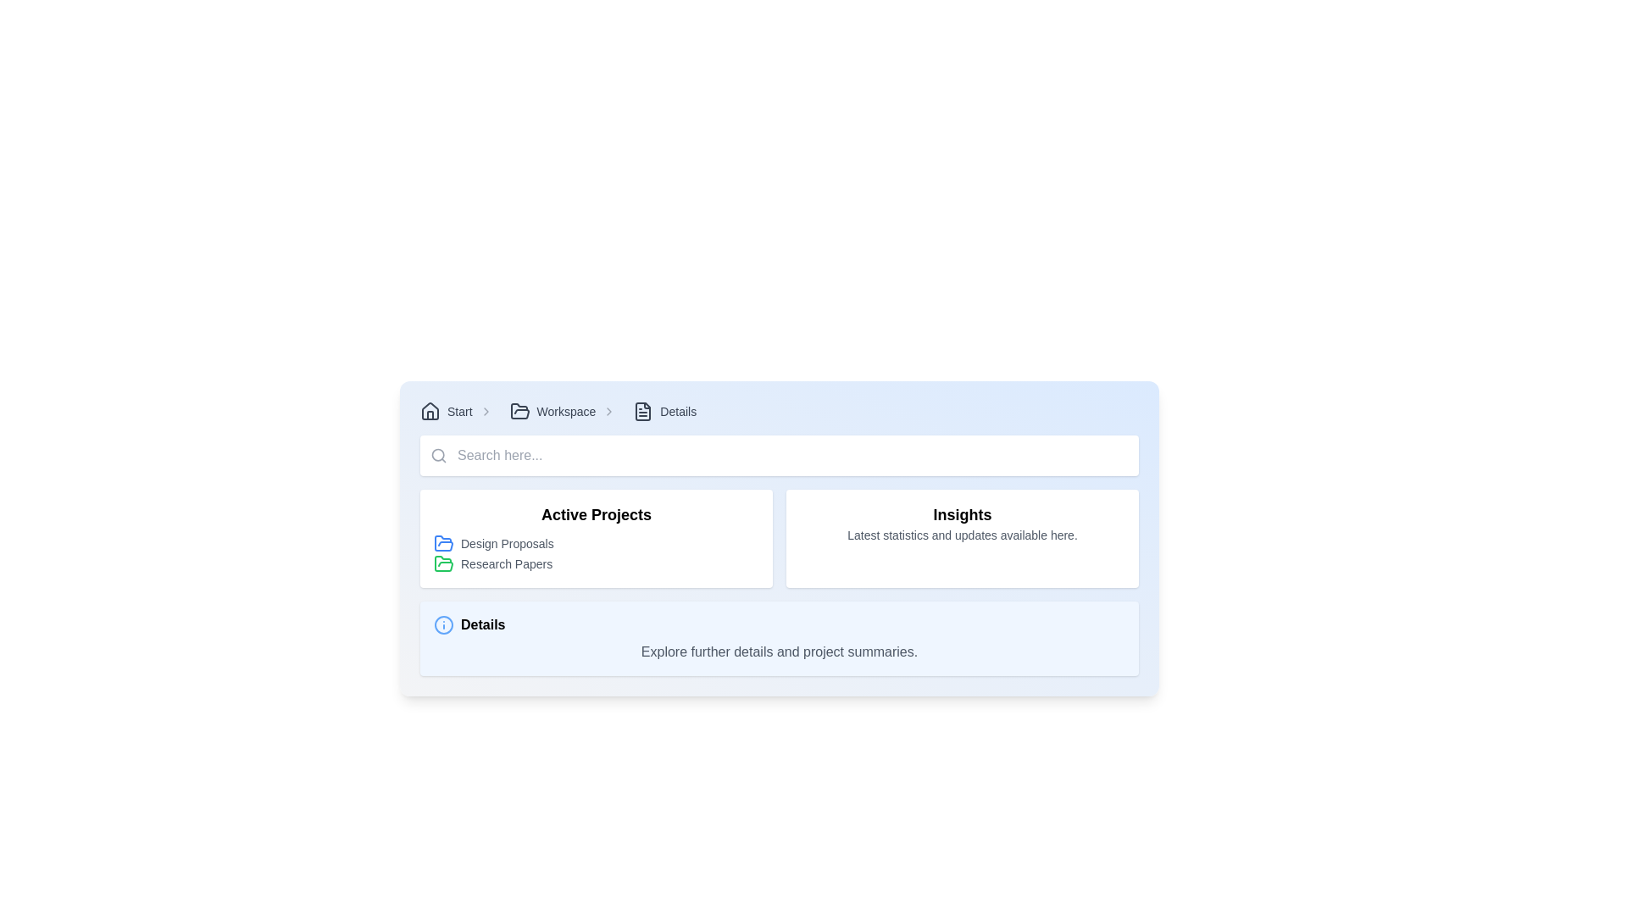 Image resolution: width=1627 pixels, height=915 pixels. What do you see at coordinates (642, 412) in the screenshot?
I see `the 'Details' icon in the navigation bar, which is positioned to the right of the 'Workspace' folder icon and adjacent to the text 'Details'` at bounding box center [642, 412].